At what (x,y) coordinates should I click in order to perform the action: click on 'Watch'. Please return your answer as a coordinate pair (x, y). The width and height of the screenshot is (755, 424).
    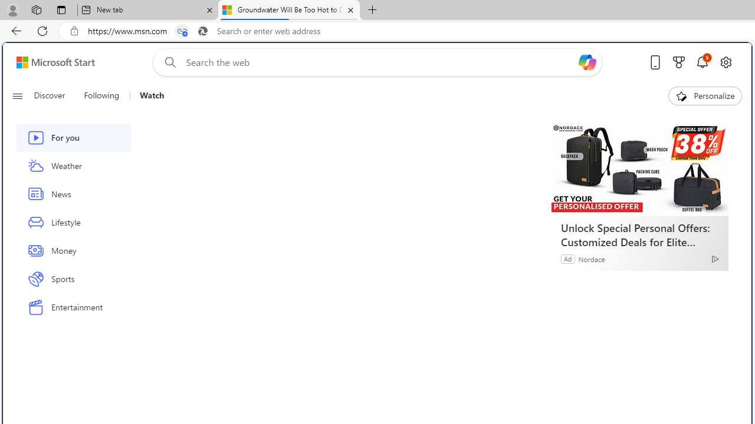
    Looking at the image, I should click on (146, 95).